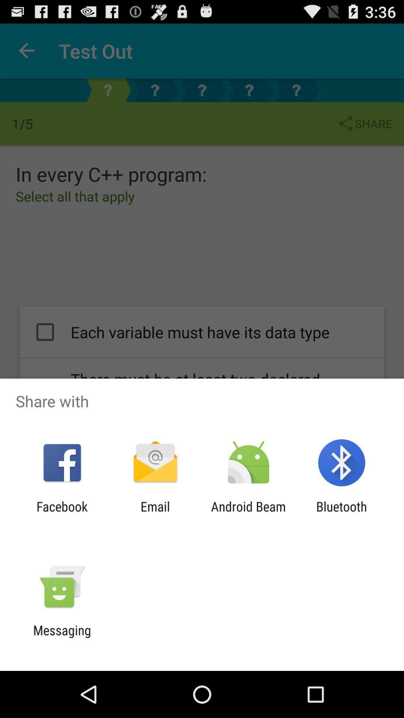 This screenshot has height=718, width=404. What do you see at coordinates (248, 514) in the screenshot?
I see `app next to email` at bounding box center [248, 514].